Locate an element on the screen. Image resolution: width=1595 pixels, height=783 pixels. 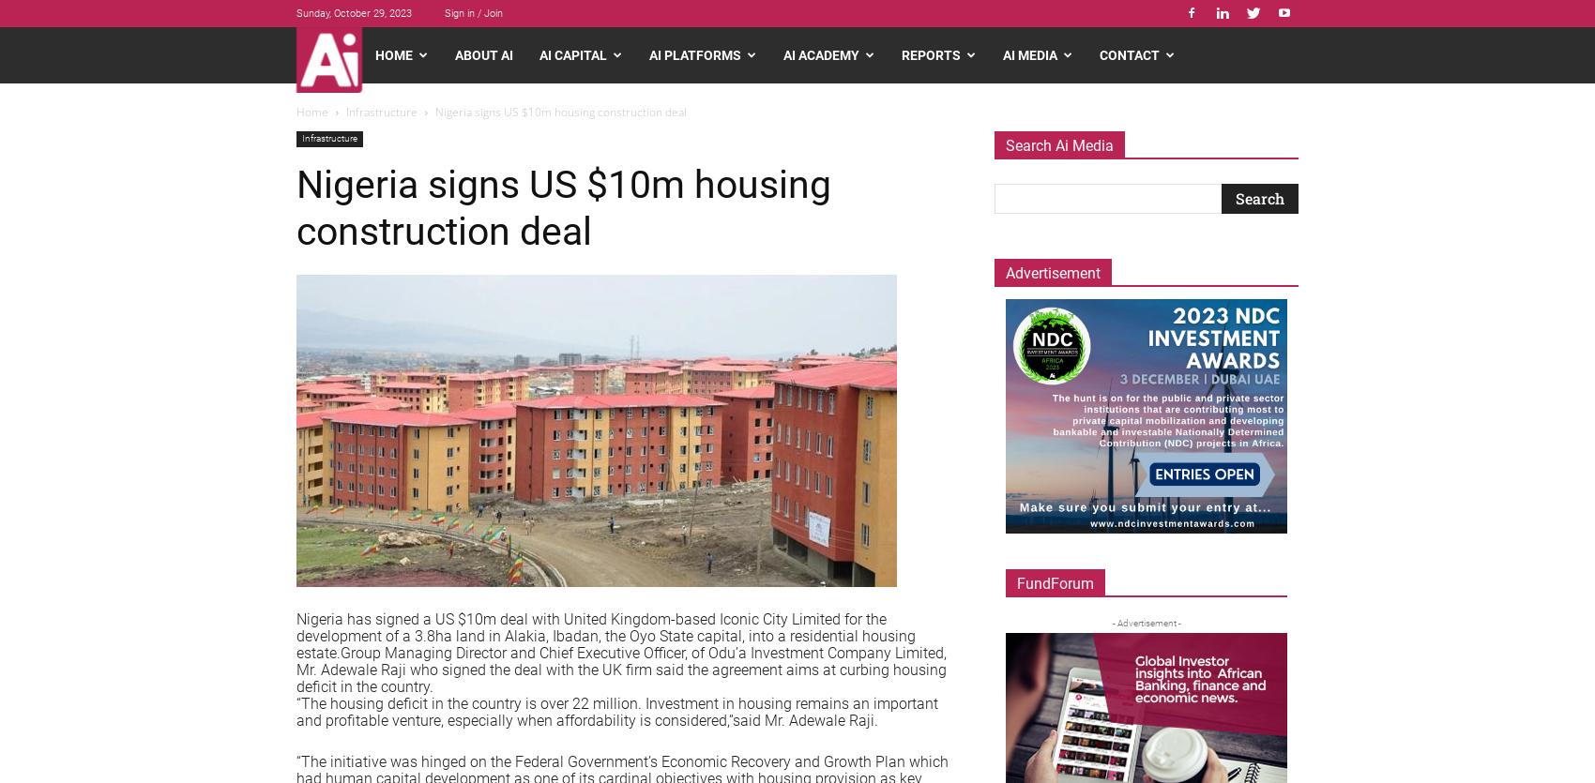
'Advertisement' is located at coordinates (1053, 272).